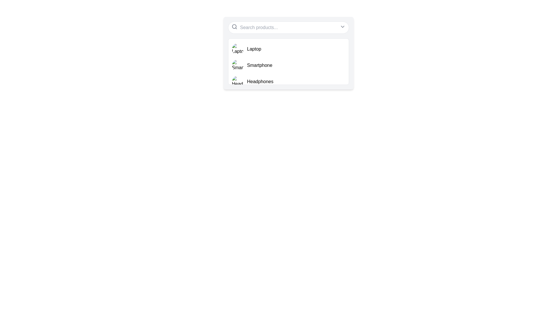  Describe the element at coordinates (260, 82) in the screenshot. I see `label 'Headphones' located in the dropdown menu, which is the third item listed and positioned to the right of a small circular image placeholder` at that location.